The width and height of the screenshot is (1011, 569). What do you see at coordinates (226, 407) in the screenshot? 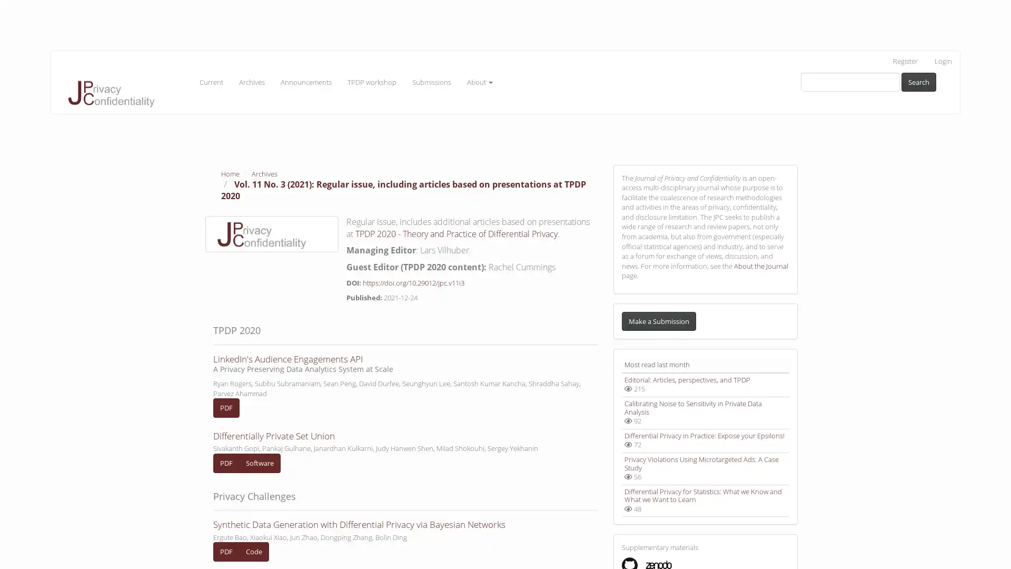
I see `PDF` at bounding box center [226, 407].